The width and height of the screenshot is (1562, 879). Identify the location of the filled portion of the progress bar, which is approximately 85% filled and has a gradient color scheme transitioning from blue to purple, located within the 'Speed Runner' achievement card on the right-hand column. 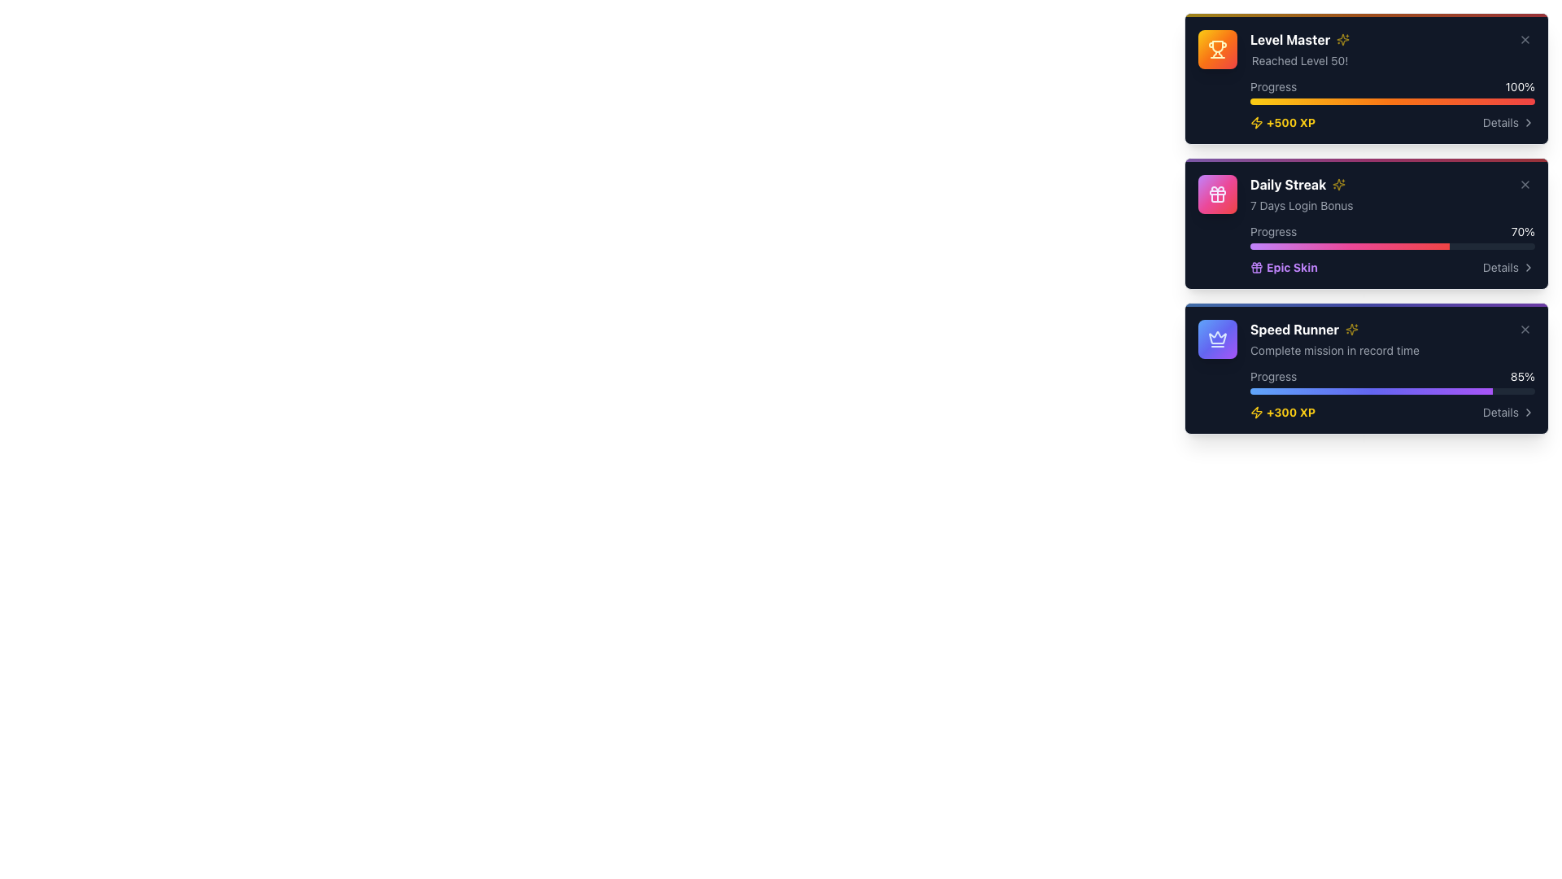
(1370, 391).